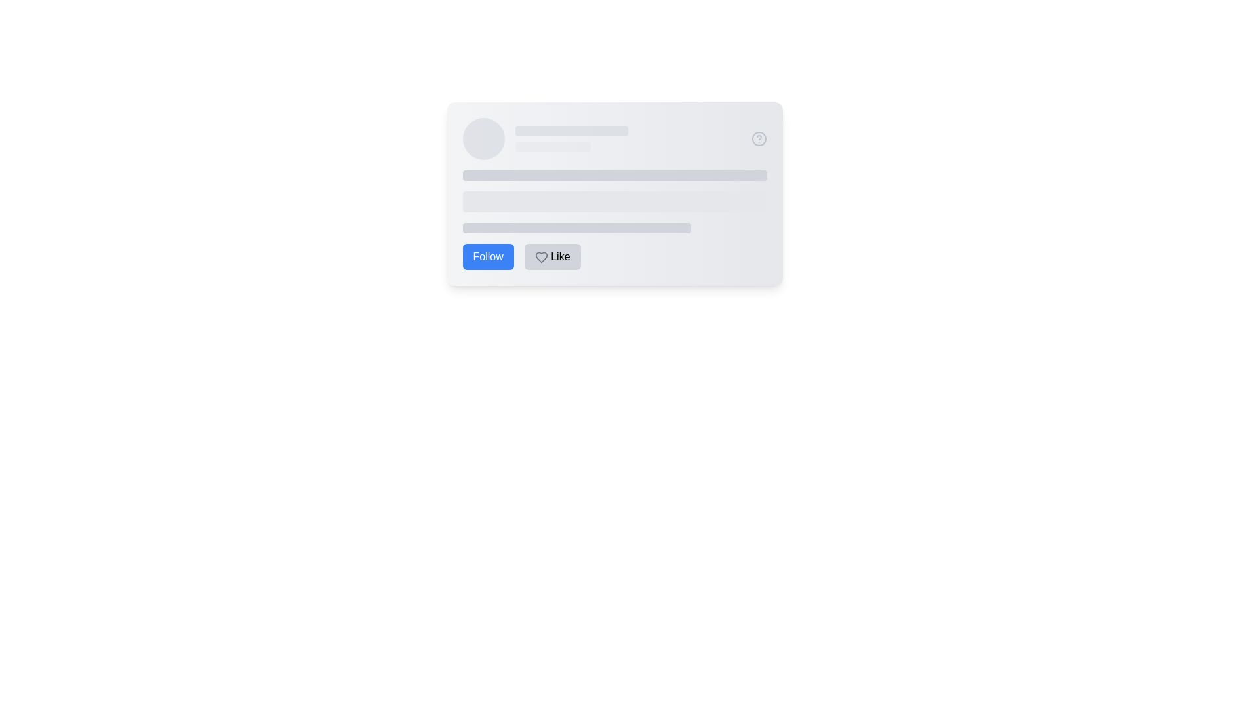 The image size is (1259, 708). I want to click on the blue 'Follow' button with rounded corners, which is the leftmost button in a group of interactive elements, to follow, so click(487, 257).